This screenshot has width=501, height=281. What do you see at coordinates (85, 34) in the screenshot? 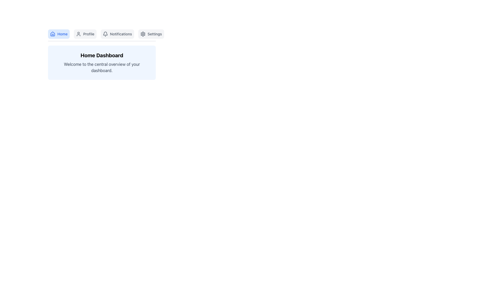
I see `the 'Profile' button, which is the second button in the horizontal navigation menu` at bounding box center [85, 34].